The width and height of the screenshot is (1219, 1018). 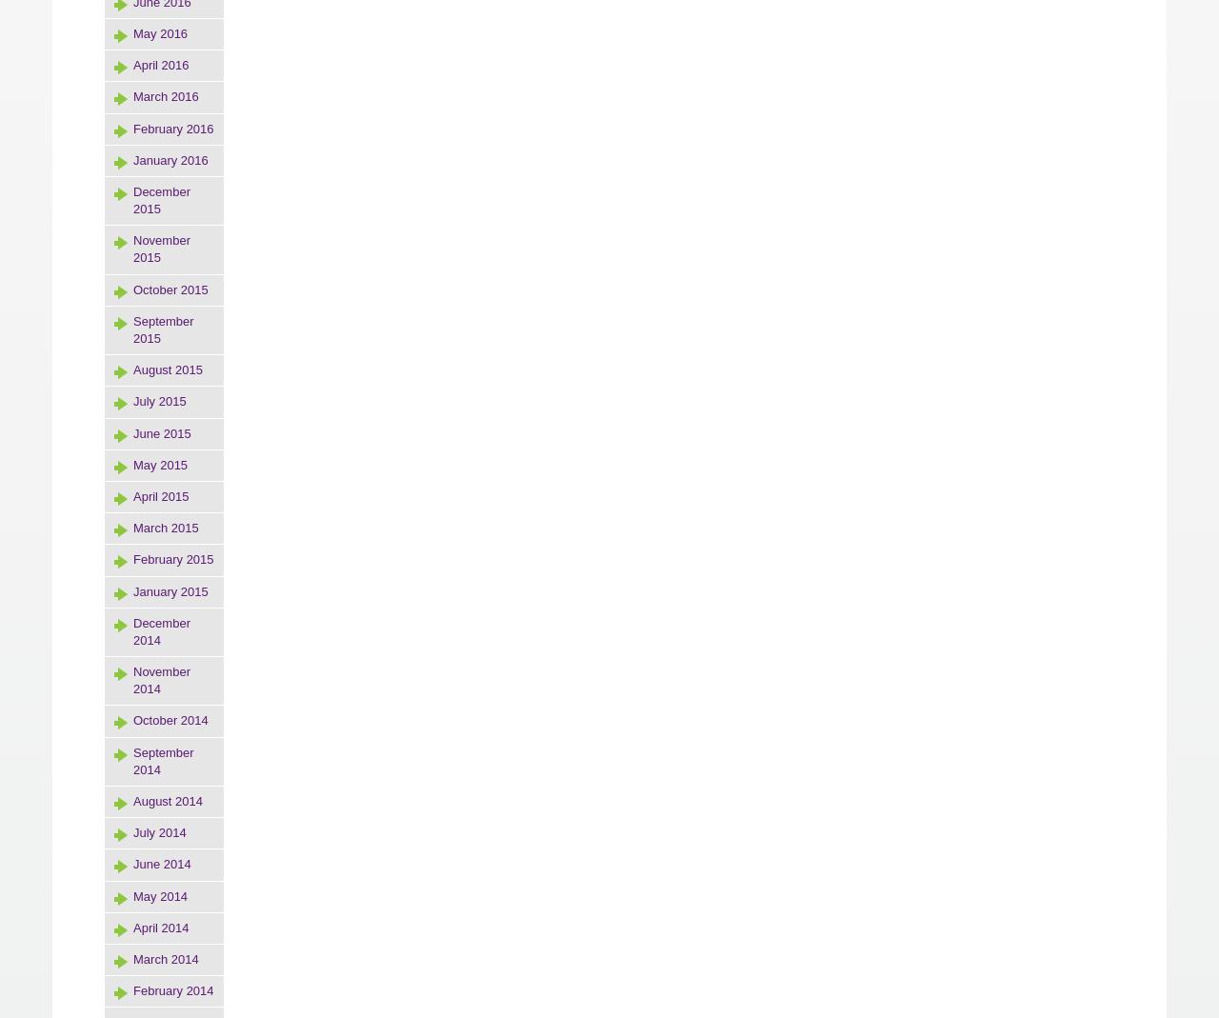 I want to click on 'July 2014', so click(x=159, y=831).